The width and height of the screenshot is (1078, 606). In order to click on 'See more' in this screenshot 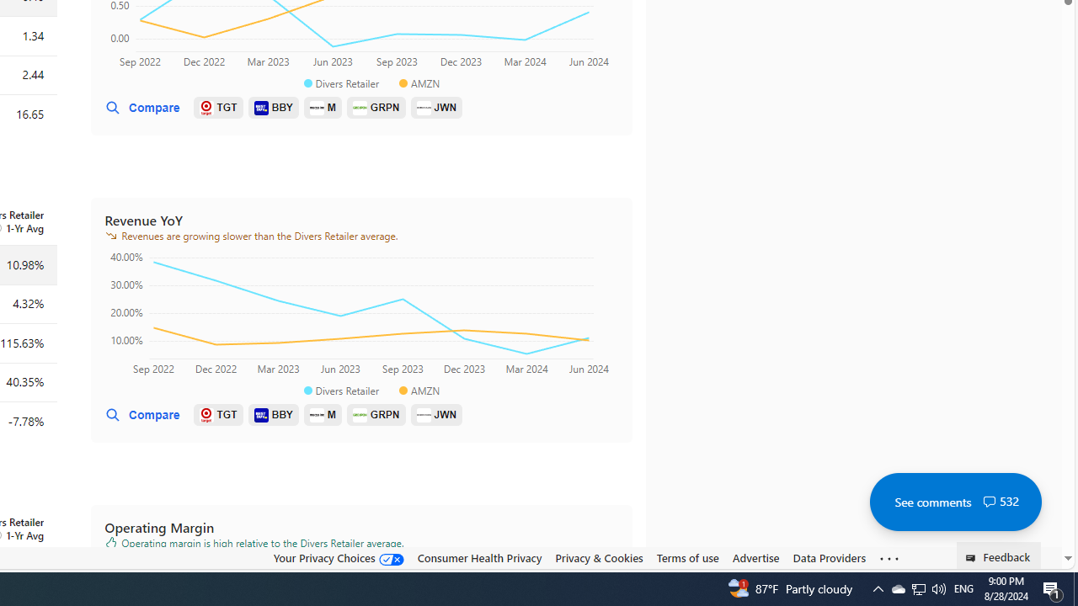, I will do `click(889, 559)`.